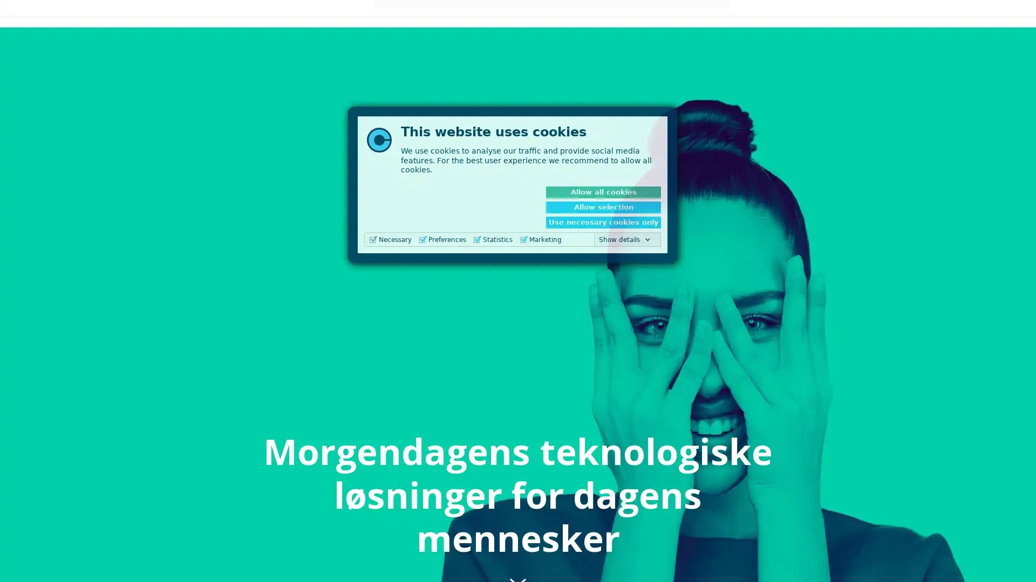  I want to click on Videre til innholdet, so click(518, 558).